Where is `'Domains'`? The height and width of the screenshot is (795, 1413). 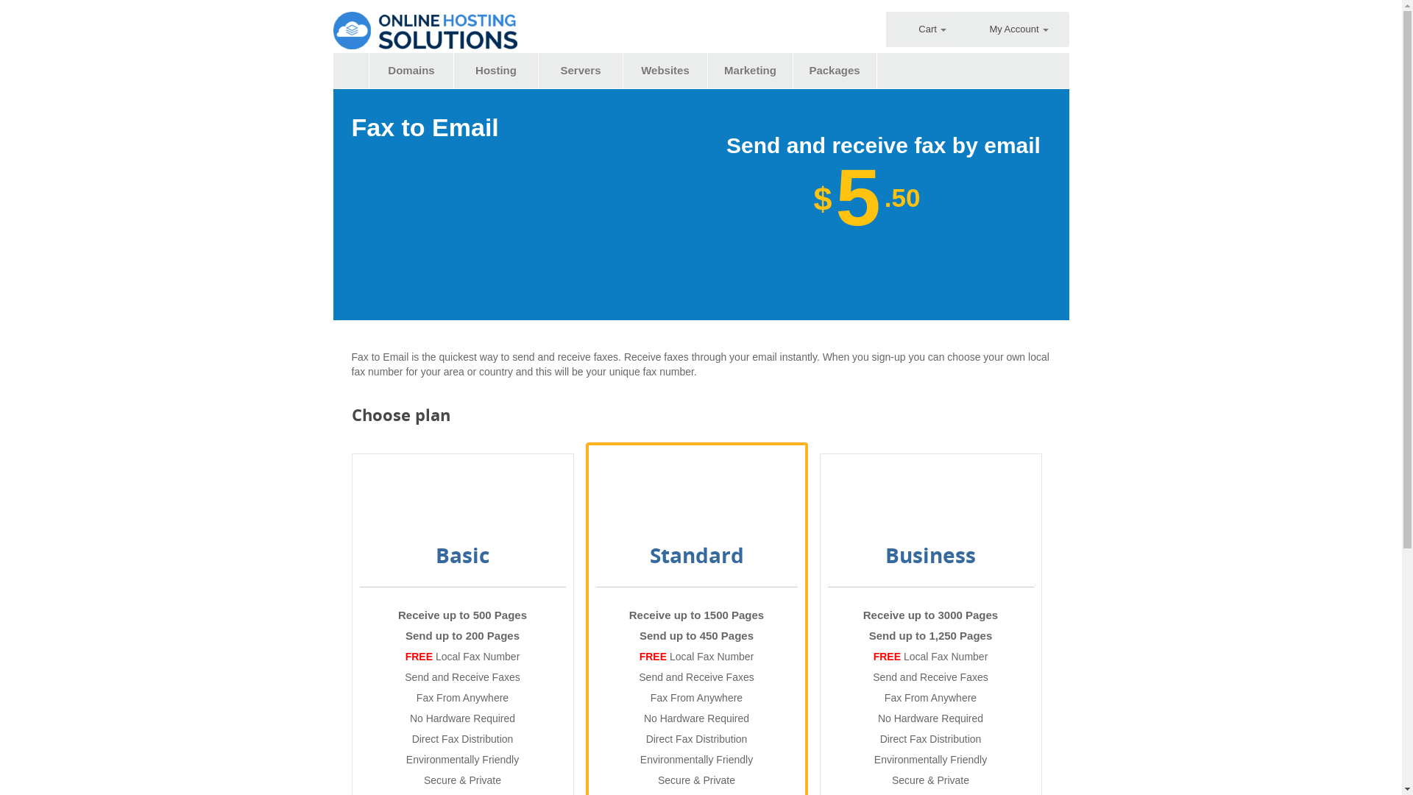
'Domains' is located at coordinates (411, 71).